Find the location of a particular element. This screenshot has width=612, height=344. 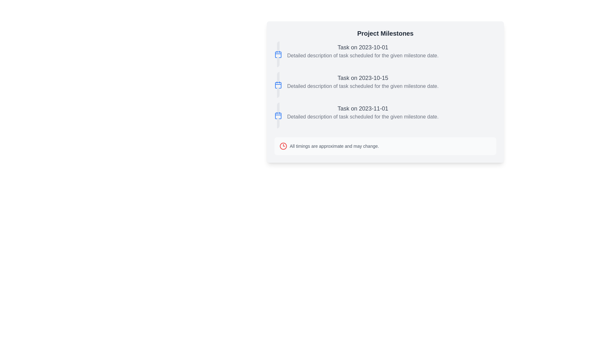

the second task description item which has the title 'Task on 2023-10-15' and a subtext detailing the task scheduled for the milestone date is located at coordinates (363, 82).